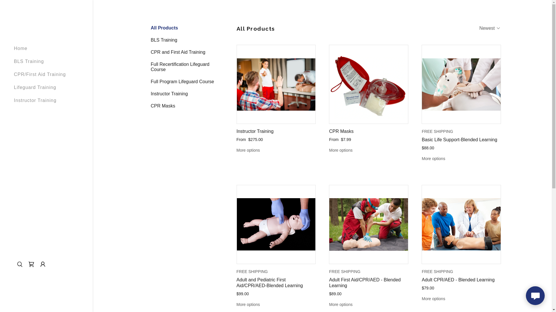 This screenshot has height=312, width=556. Describe the element at coordinates (39, 74) in the screenshot. I see `'CPR/First Aid Training'` at that location.